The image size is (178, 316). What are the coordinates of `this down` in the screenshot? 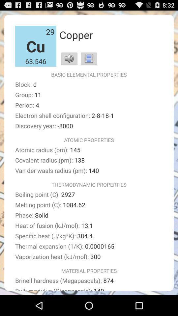 It's located at (89, 58).